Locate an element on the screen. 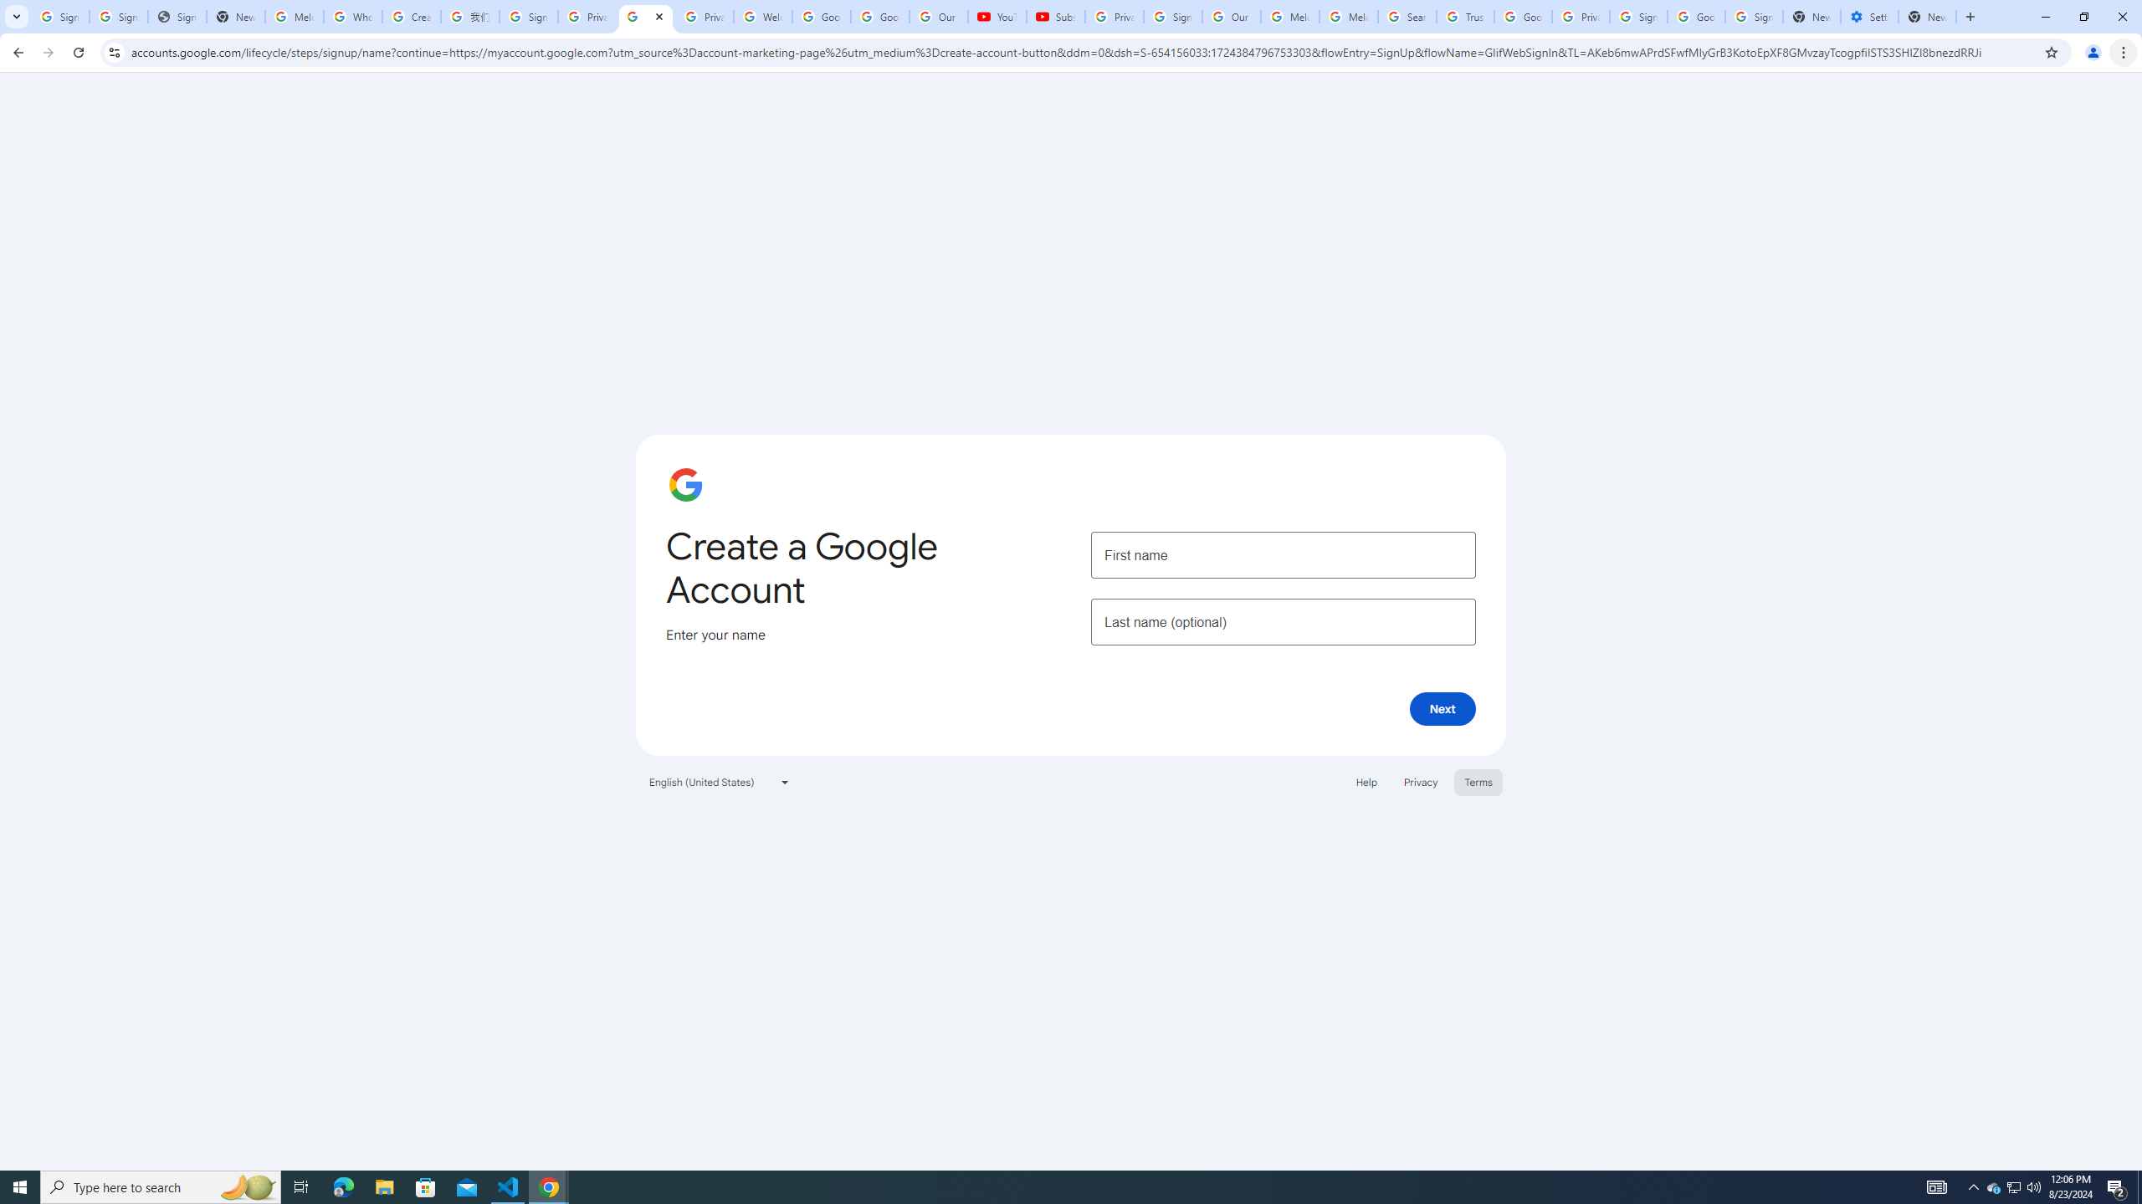 The height and width of the screenshot is (1204, 2142). 'YouTube' is located at coordinates (996, 16).